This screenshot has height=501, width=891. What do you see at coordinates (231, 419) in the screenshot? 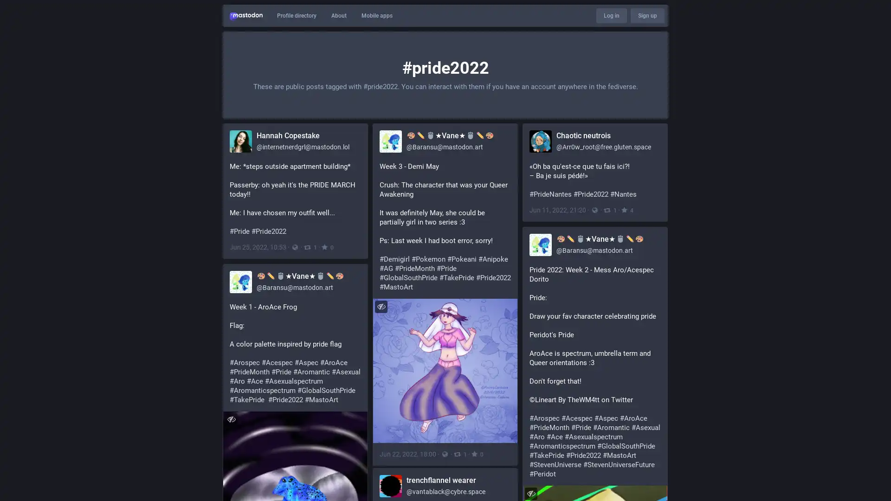
I see `Hide image` at bounding box center [231, 419].